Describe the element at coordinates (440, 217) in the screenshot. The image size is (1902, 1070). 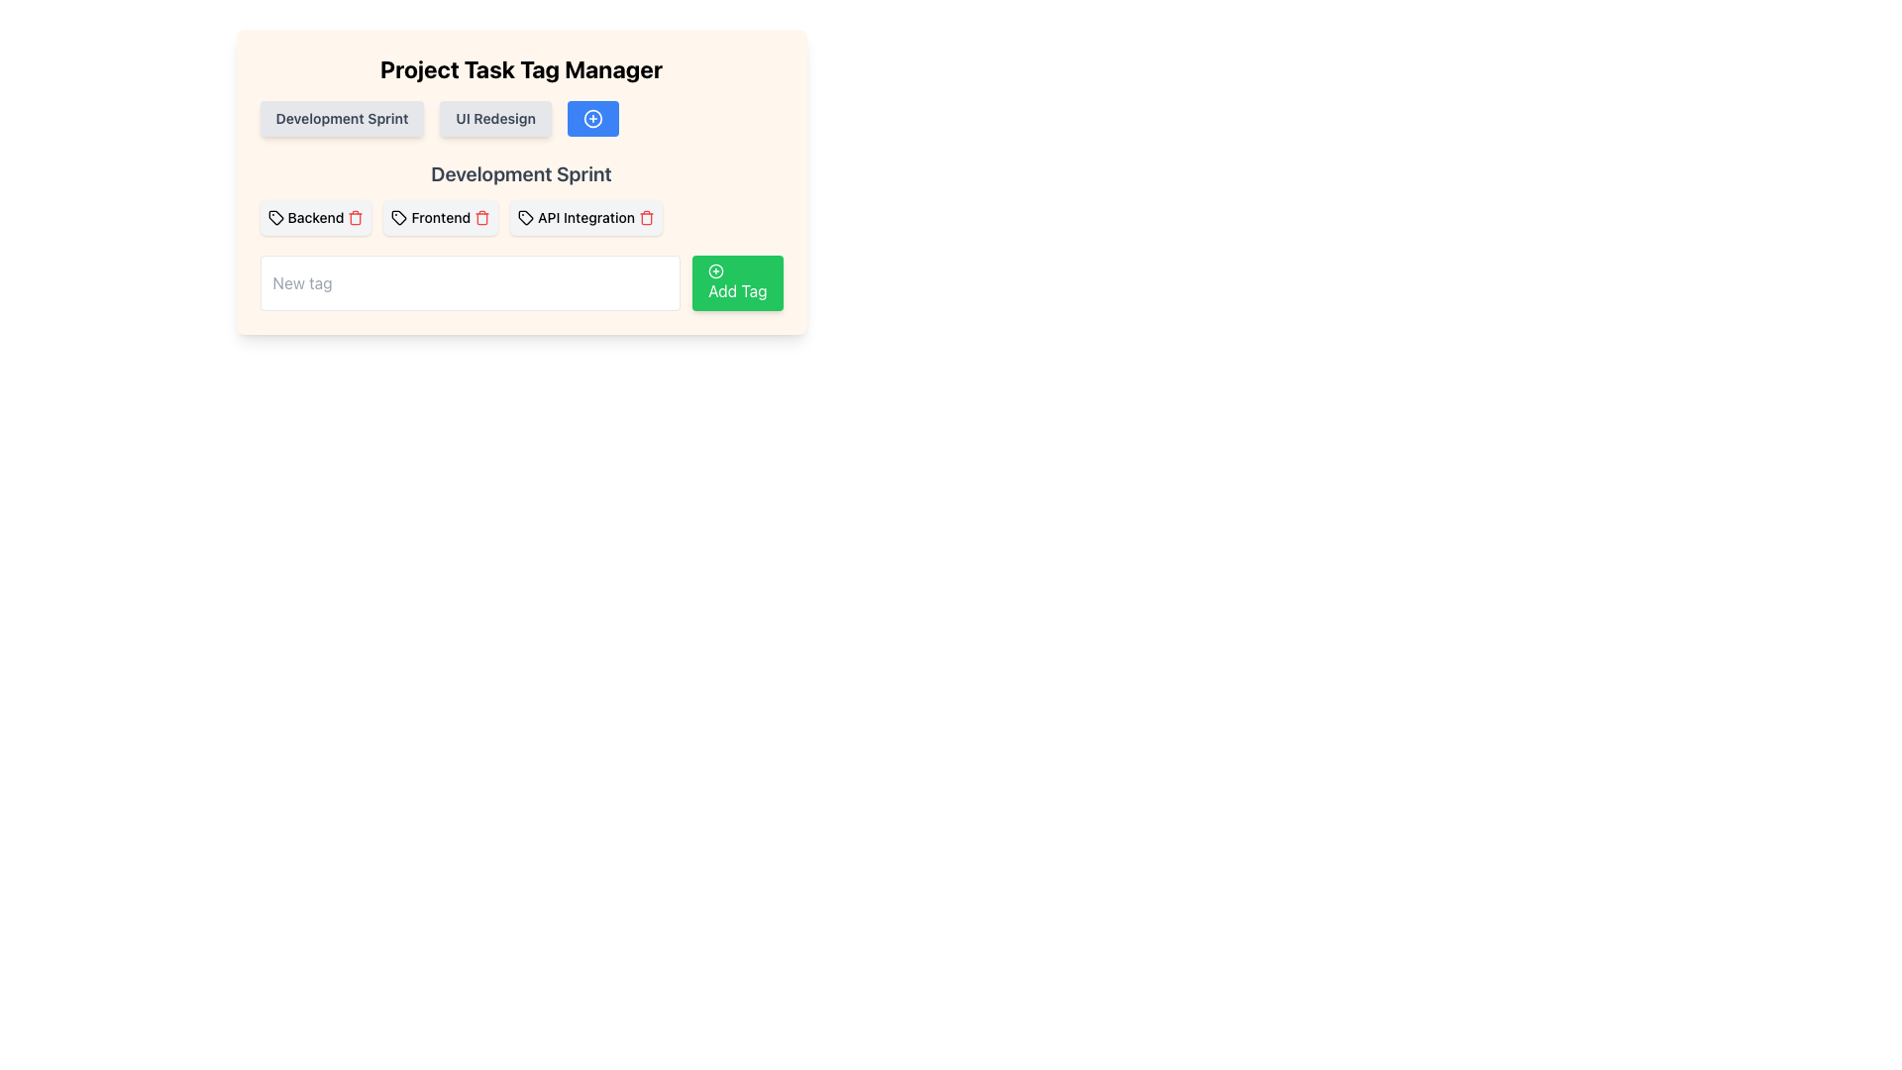
I see `the 'Frontend' tag, which is the second item in the horizontal list under the 'Development Sprint' header, located between the 'Backend' and 'API Integration' tags` at that location.